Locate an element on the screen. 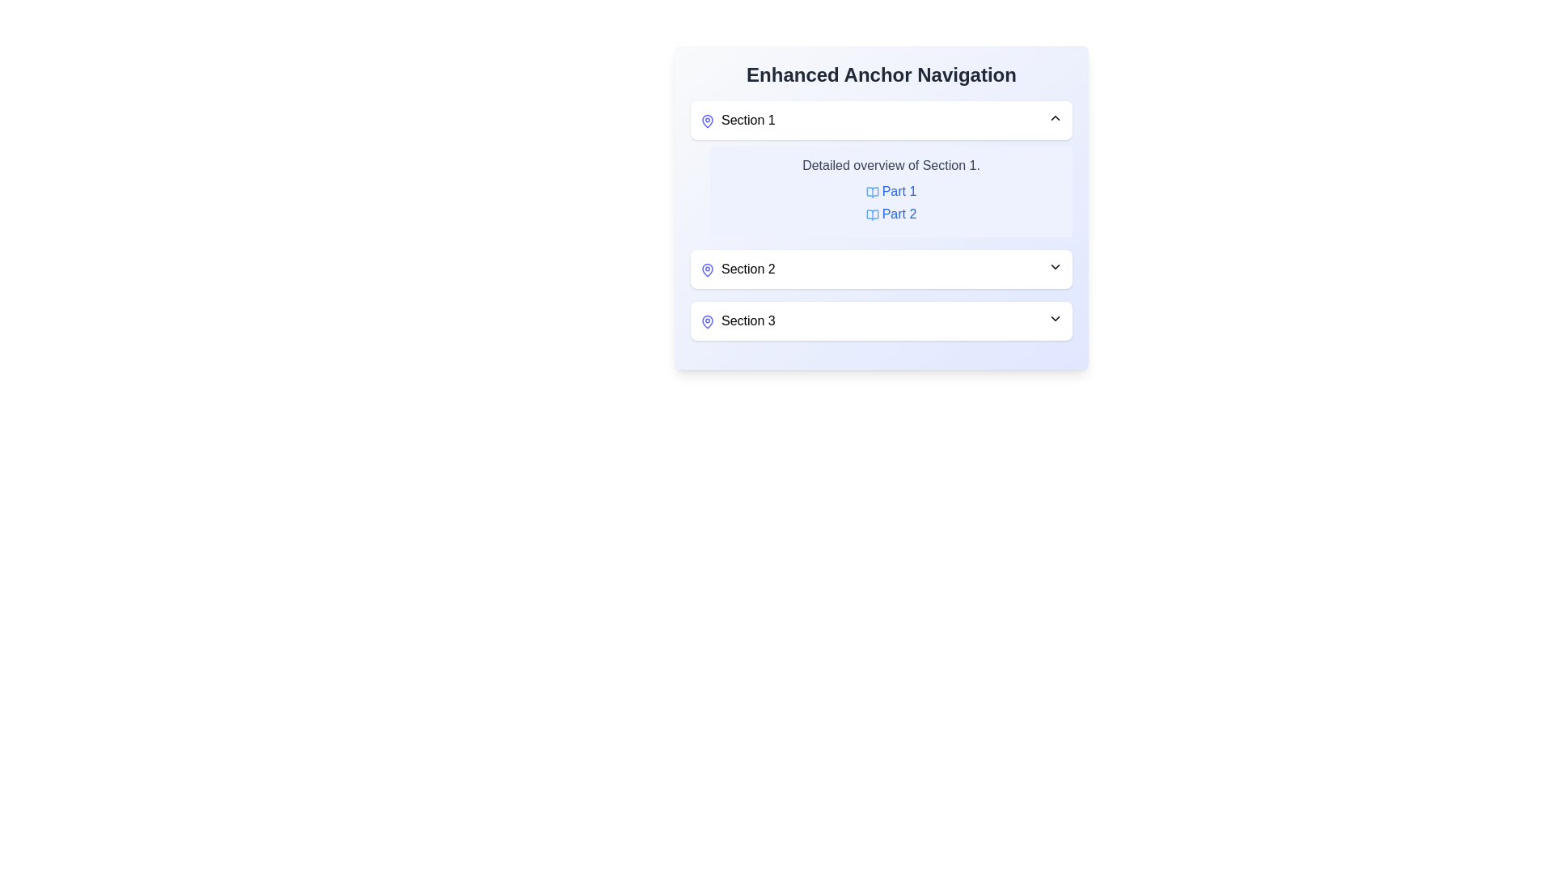  the upward-pointing chevron icon located in 'Section 1' is located at coordinates (1056, 117).